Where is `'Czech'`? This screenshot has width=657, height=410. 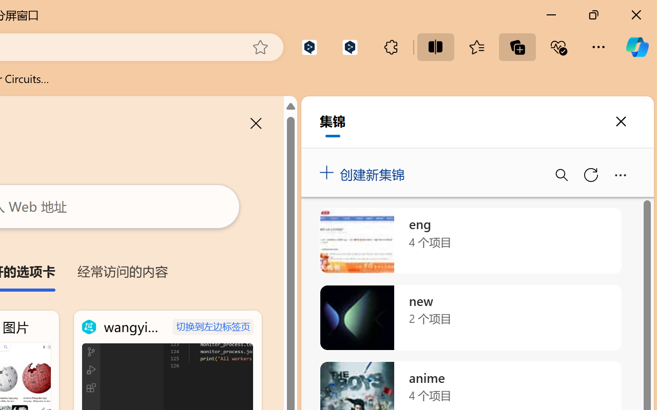
'Czech' is located at coordinates (509, 233).